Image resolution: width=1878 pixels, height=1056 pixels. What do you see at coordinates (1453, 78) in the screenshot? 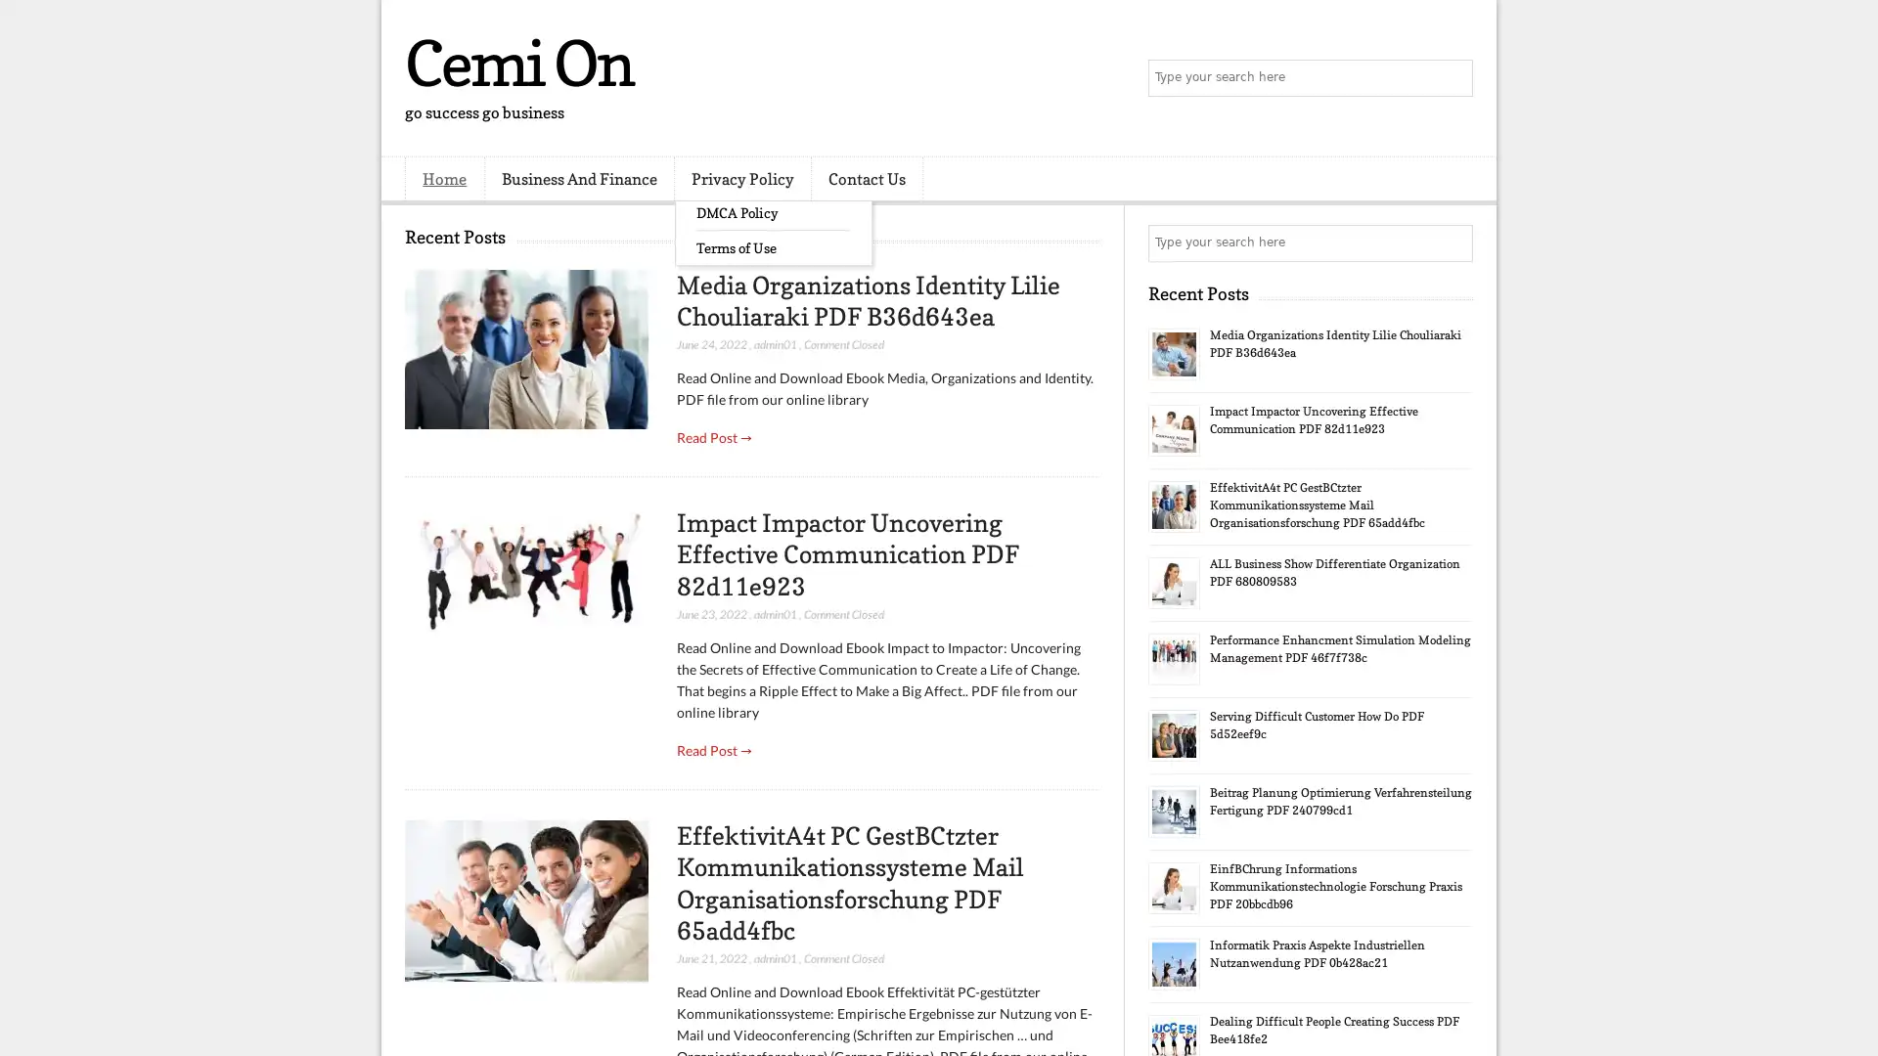
I see `Search` at bounding box center [1453, 78].